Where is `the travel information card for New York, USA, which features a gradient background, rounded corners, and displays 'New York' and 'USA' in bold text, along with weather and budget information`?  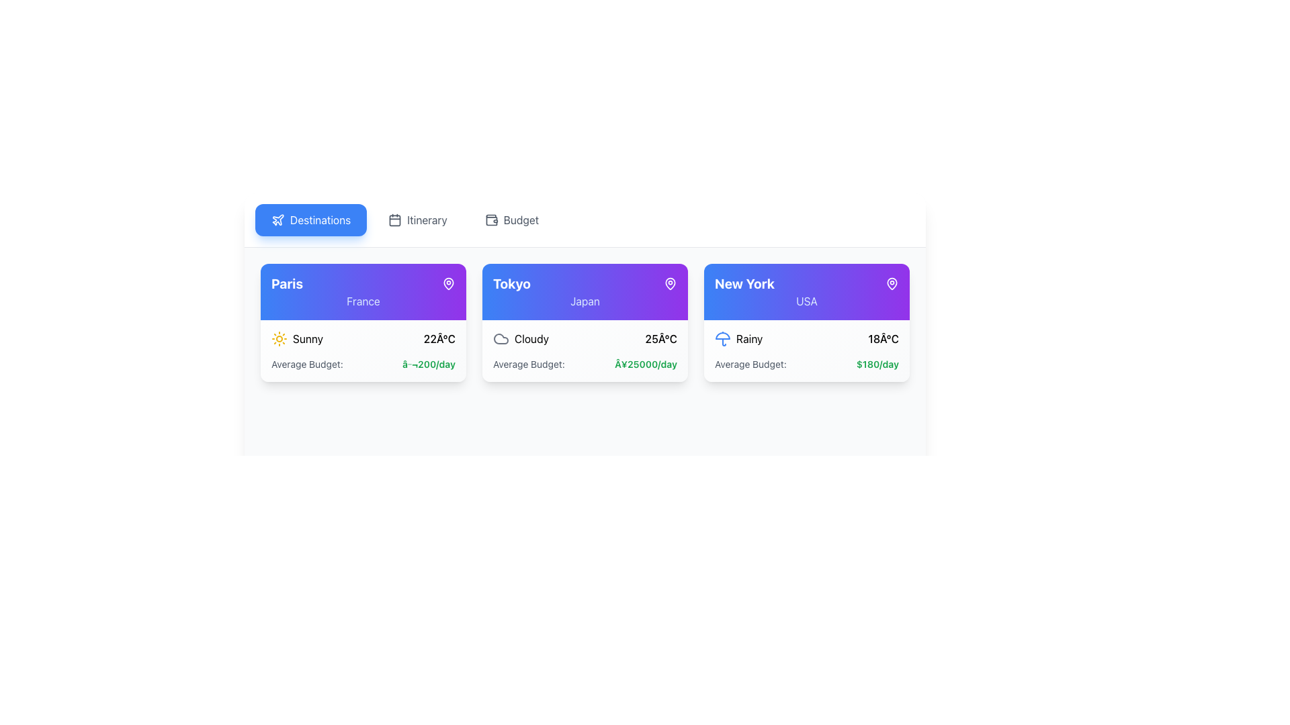
the travel information card for New York, USA, which features a gradient background, rounded corners, and displays 'New York' and 'USA' in bold text, along with weather and budget information is located at coordinates (806, 323).